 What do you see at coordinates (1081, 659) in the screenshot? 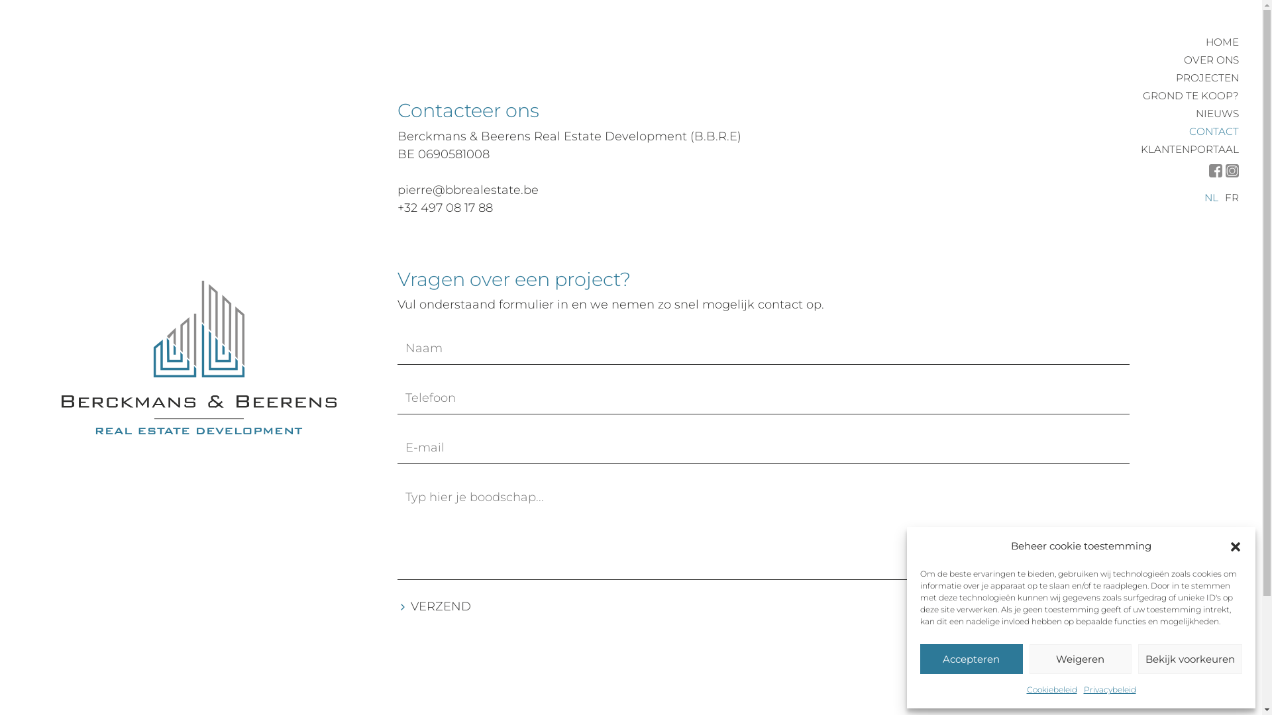
I see `'Weigeren'` at bounding box center [1081, 659].